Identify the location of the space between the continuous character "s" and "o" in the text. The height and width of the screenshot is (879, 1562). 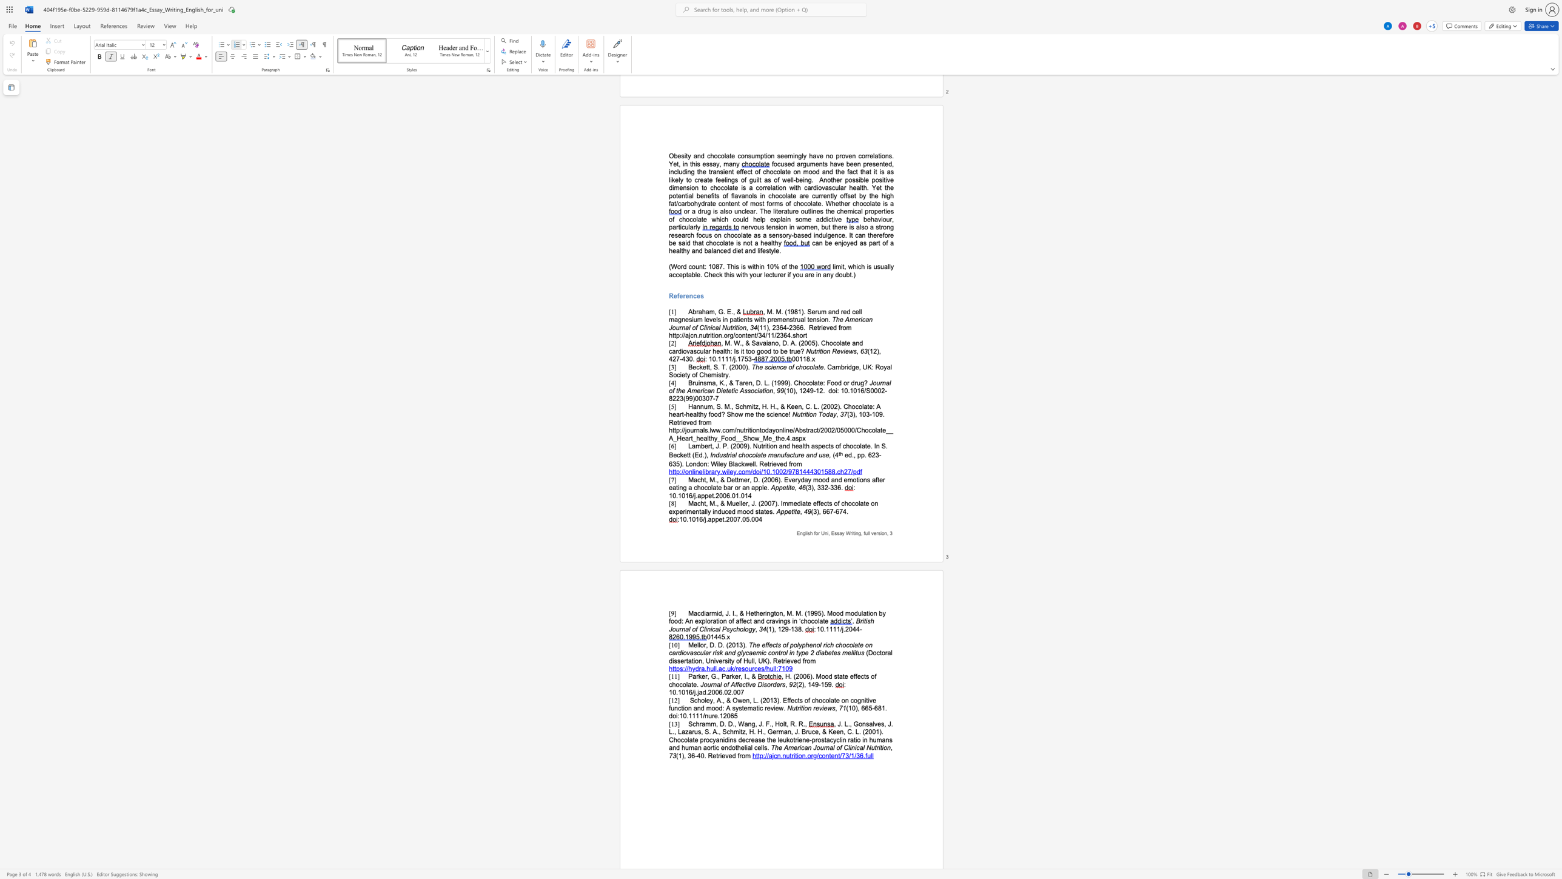
(766, 684).